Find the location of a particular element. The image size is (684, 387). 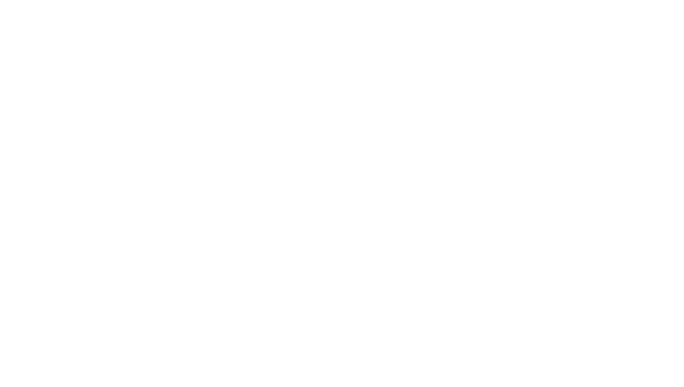

'Eastern Acoustic Works has launched its new SM12 Stage Monitor, which incorporates acoustic design cues from the company’s Microwedge line.' is located at coordinates (303, 275).